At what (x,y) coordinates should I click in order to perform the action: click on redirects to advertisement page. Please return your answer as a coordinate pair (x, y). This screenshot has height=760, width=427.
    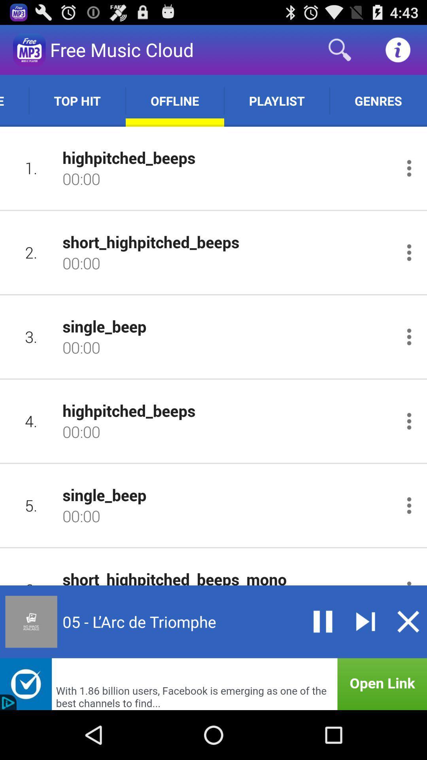
    Looking at the image, I should click on (213, 684).